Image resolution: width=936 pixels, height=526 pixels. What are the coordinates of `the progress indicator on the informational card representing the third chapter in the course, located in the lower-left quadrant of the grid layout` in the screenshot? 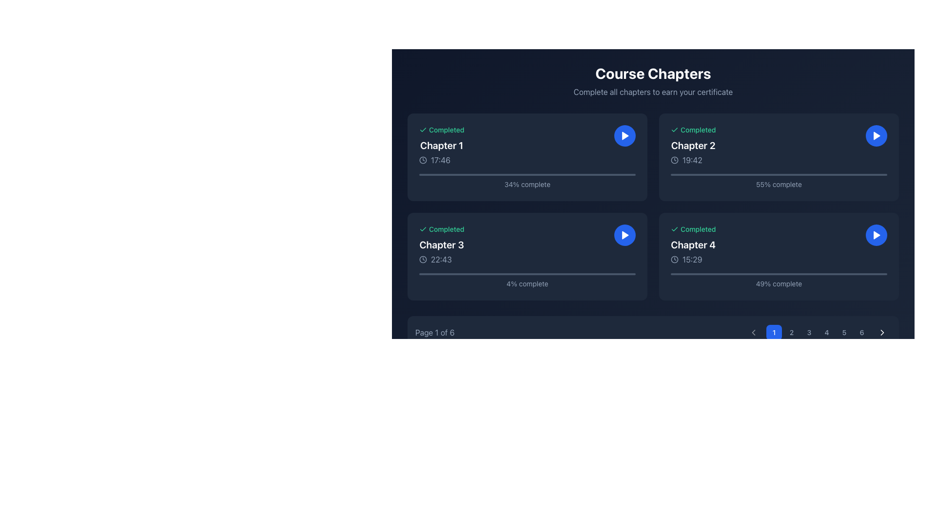 It's located at (526, 256).